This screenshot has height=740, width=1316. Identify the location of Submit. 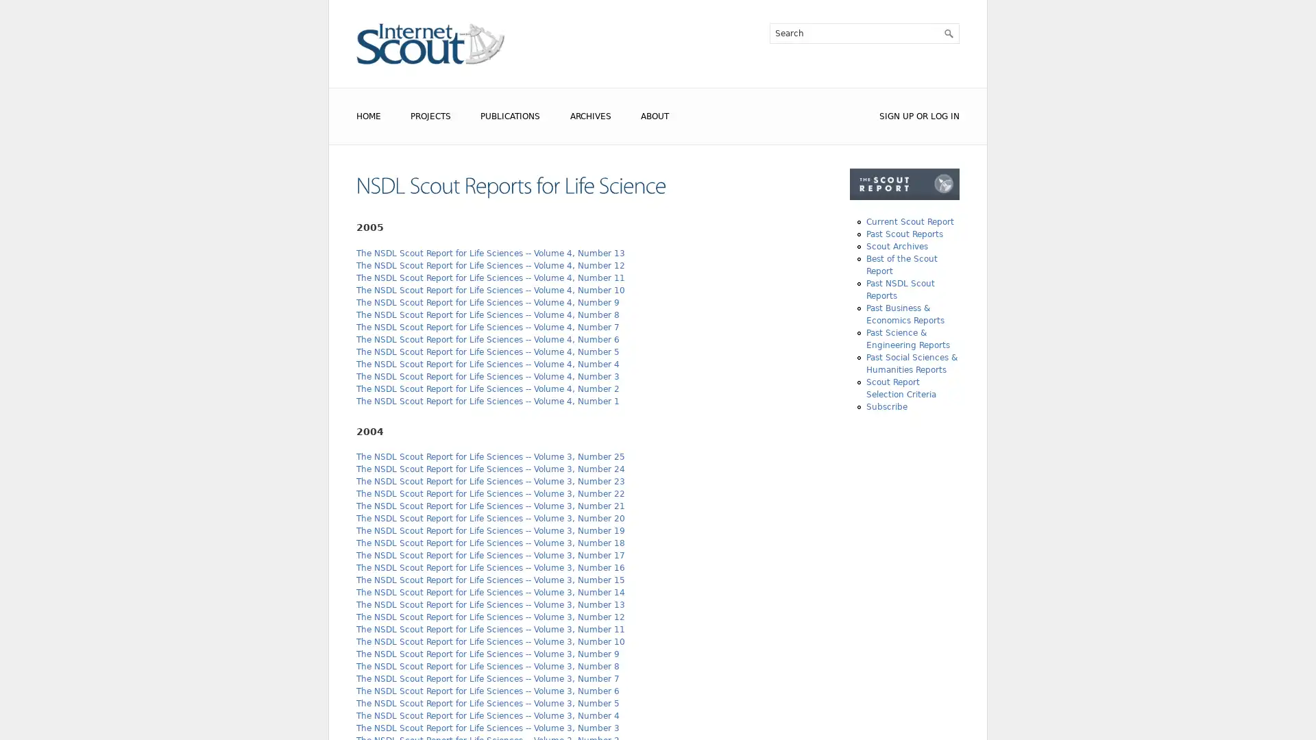
(947, 33).